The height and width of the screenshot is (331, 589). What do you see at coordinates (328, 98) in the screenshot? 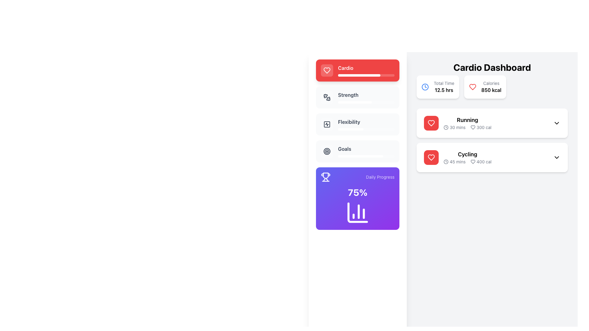
I see `the SVG icon resembling a stylized dumbbell located in the 'Strength' section of the interface` at bounding box center [328, 98].